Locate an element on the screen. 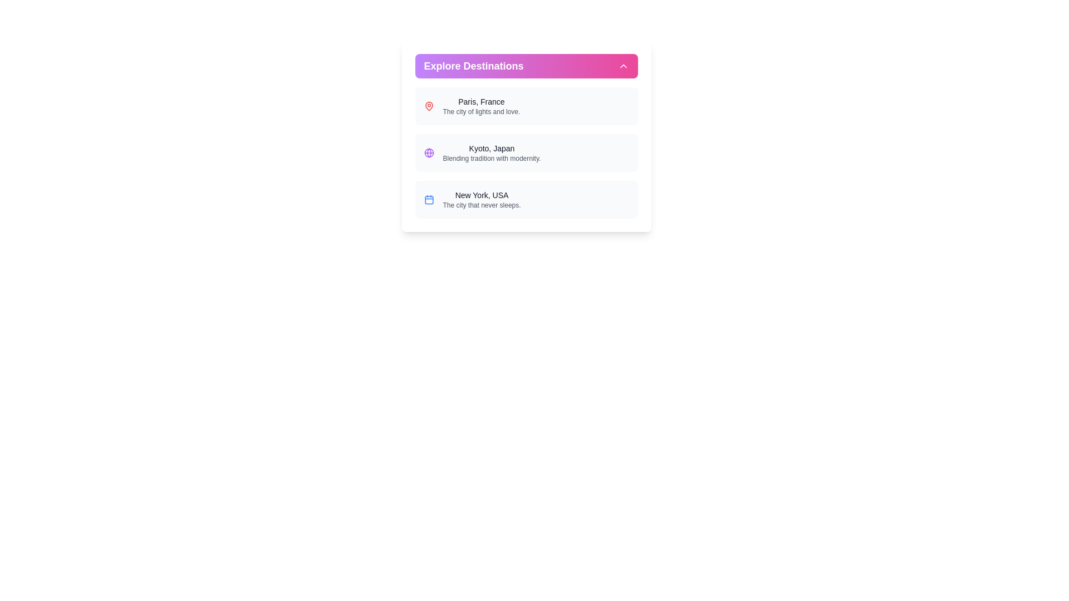 The height and width of the screenshot is (601, 1069). large bold text 'Explore Destinations.' which is styled with a white font color on a gradient background transitioning from purple to pink, located at the center of a horizontal section at the top of the card is located at coordinates (473, 66).